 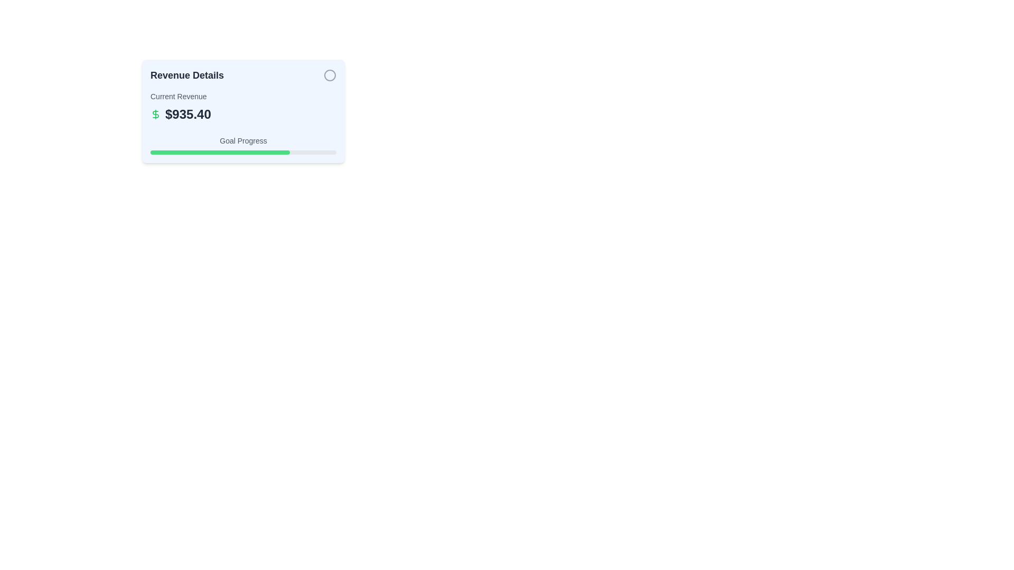 I want to click on the progress bar located at the bottom of the 'Revenue Details' card, which has a light blue background and shows percentage completion towards a goal, so click(x=242, y=145).